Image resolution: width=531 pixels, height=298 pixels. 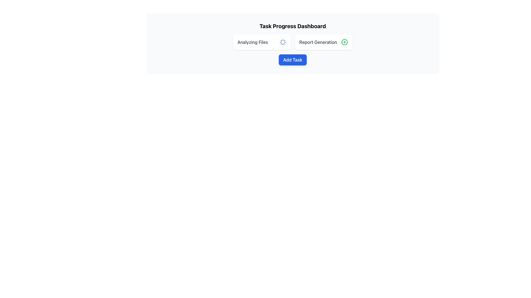 What do you see at coordinates (344, 42) in the screenshot?
I see `the green circular icon with a centered plus sign next to the 'Report Generation' label` at bounding box center [344, 42].